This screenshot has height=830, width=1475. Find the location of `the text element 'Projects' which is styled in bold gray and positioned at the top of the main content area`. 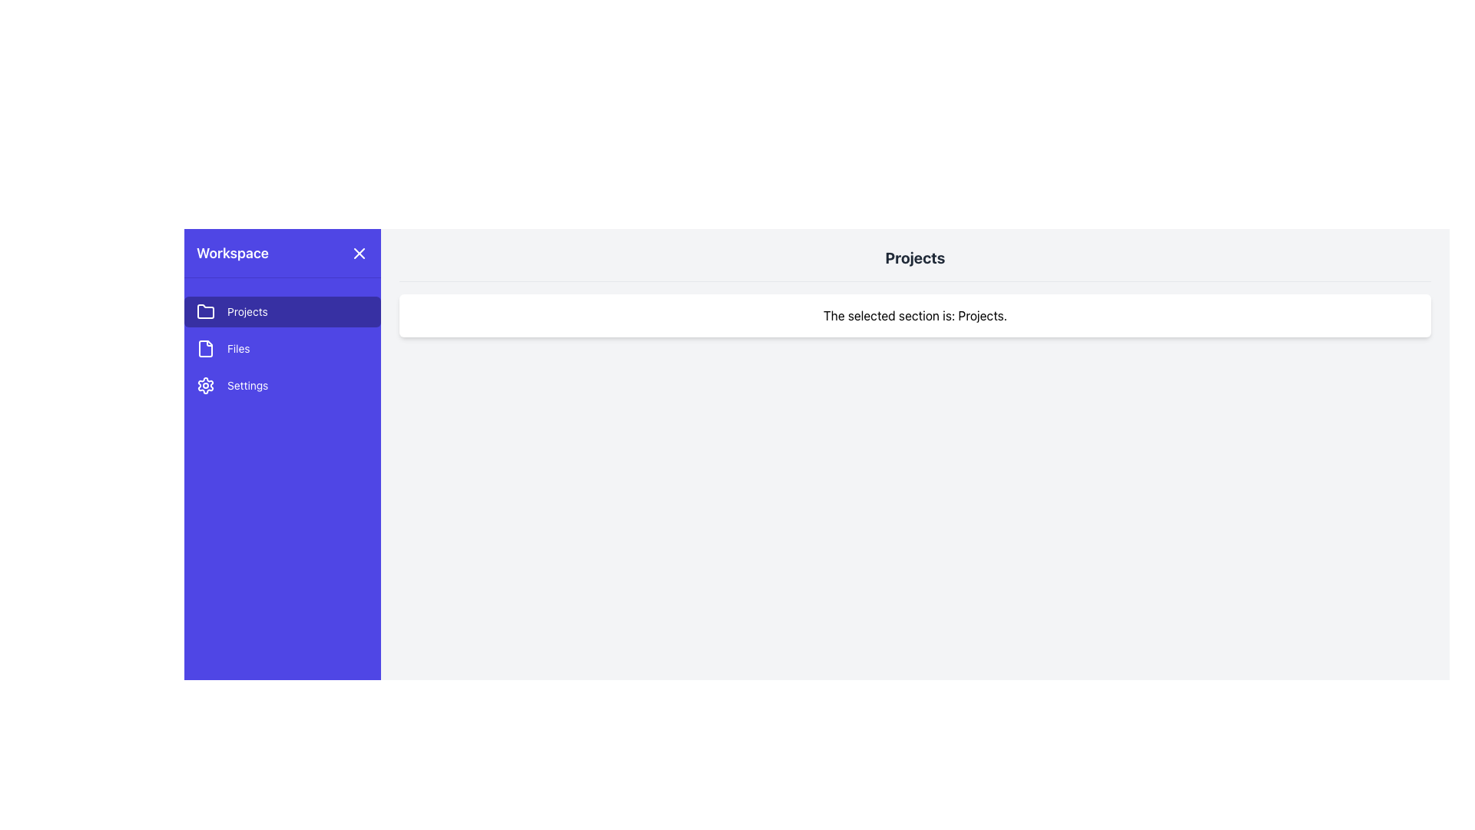

the text element 'Projects' which is styled in bold gray and positioned at the top of the main content area is located at coordinates (915, 264).